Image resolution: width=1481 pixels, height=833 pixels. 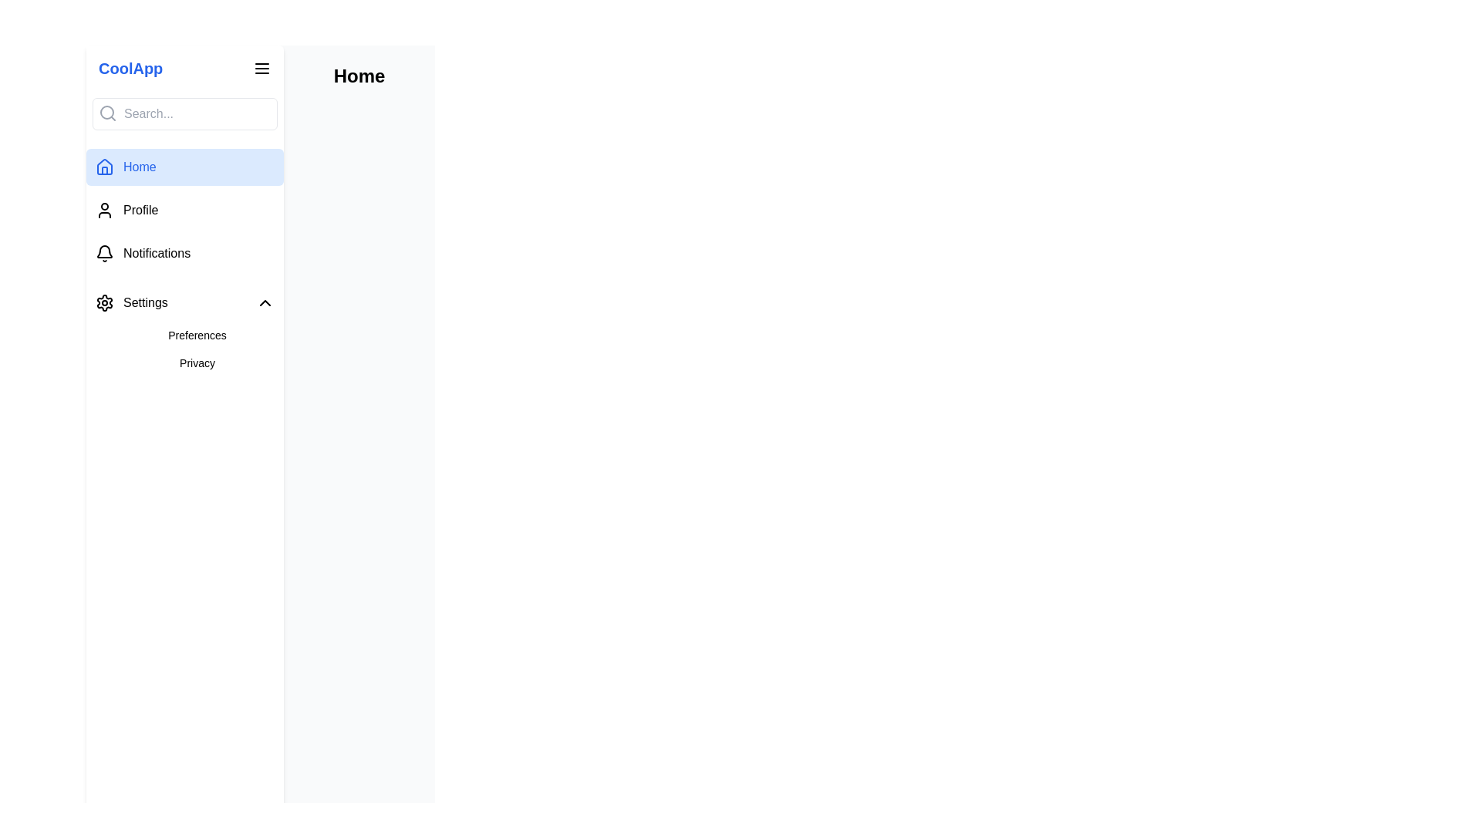 I want to click on the 'Profile' icon, so click(x=103, y=211).